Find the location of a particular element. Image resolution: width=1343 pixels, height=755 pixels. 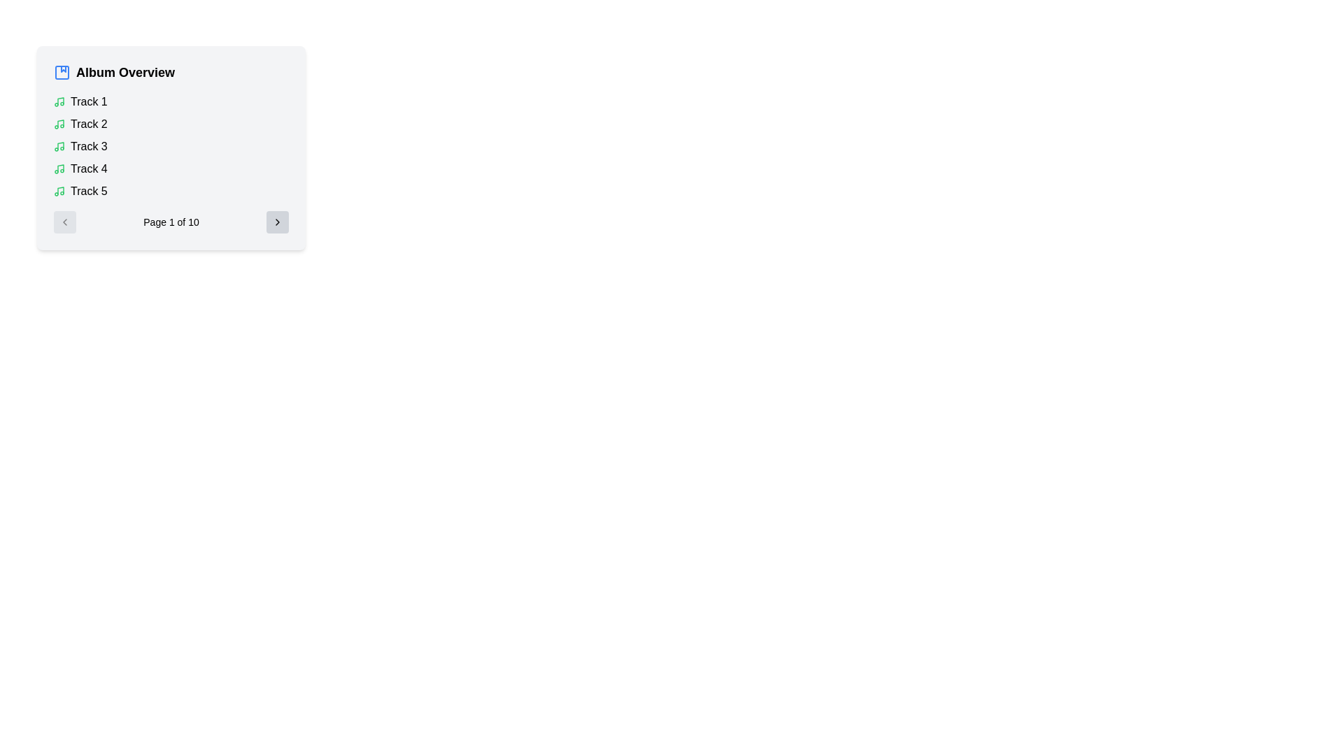

the third list item representing a track in the 'Album Overview' is located at coordinates (170, 146).